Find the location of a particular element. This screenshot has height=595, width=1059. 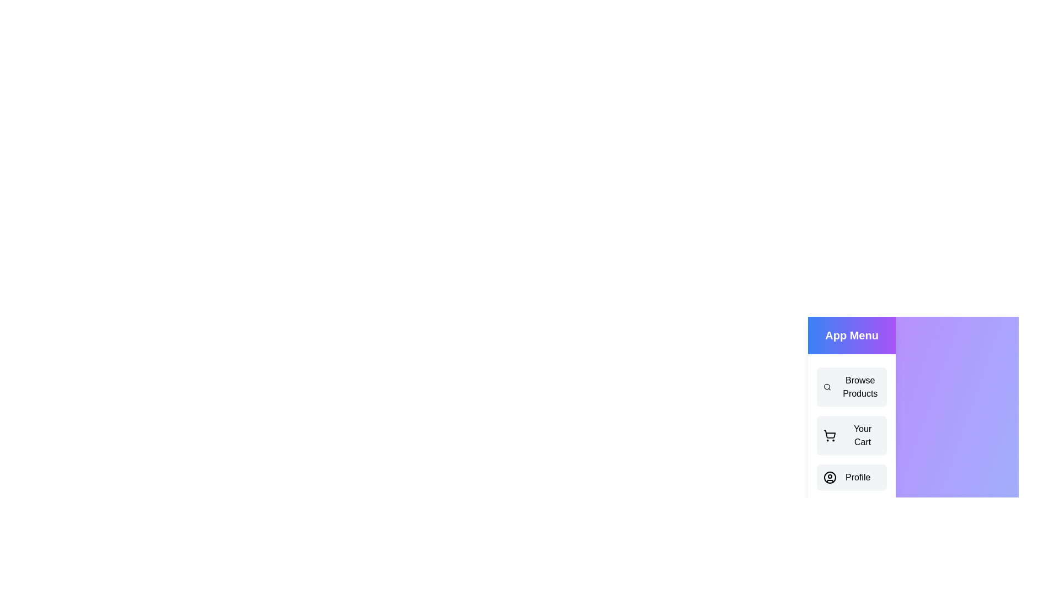

the menu item Browse Products to observe the hover effect is located at coordinates (851, 386).